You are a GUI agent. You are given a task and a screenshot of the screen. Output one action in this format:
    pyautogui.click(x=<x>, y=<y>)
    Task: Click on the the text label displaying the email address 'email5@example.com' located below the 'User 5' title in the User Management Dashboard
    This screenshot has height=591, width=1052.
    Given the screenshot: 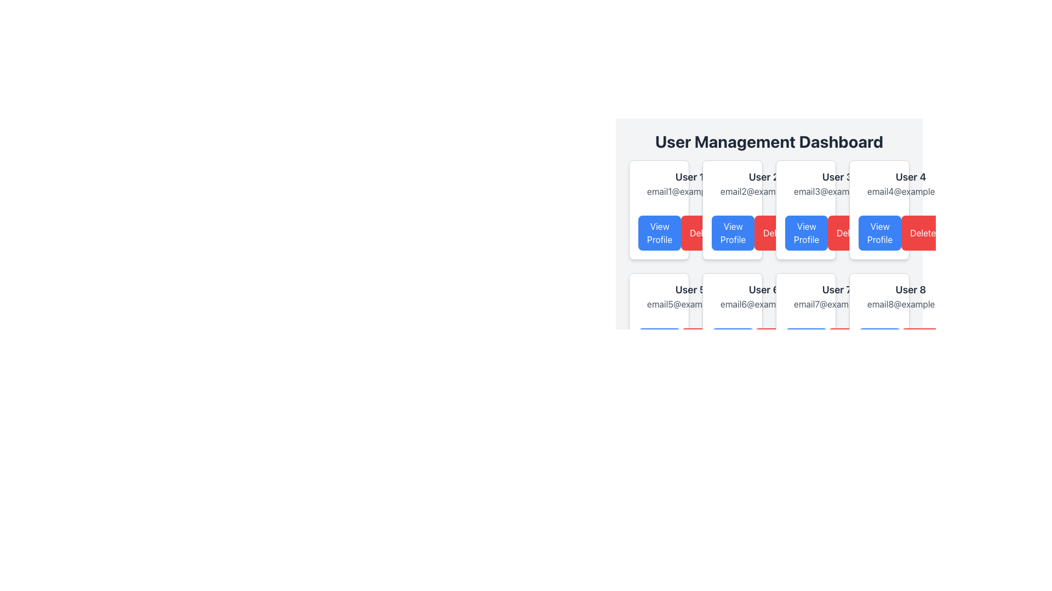 What is the action you would take?
    pyautogui.click(x=690, y=304)
    